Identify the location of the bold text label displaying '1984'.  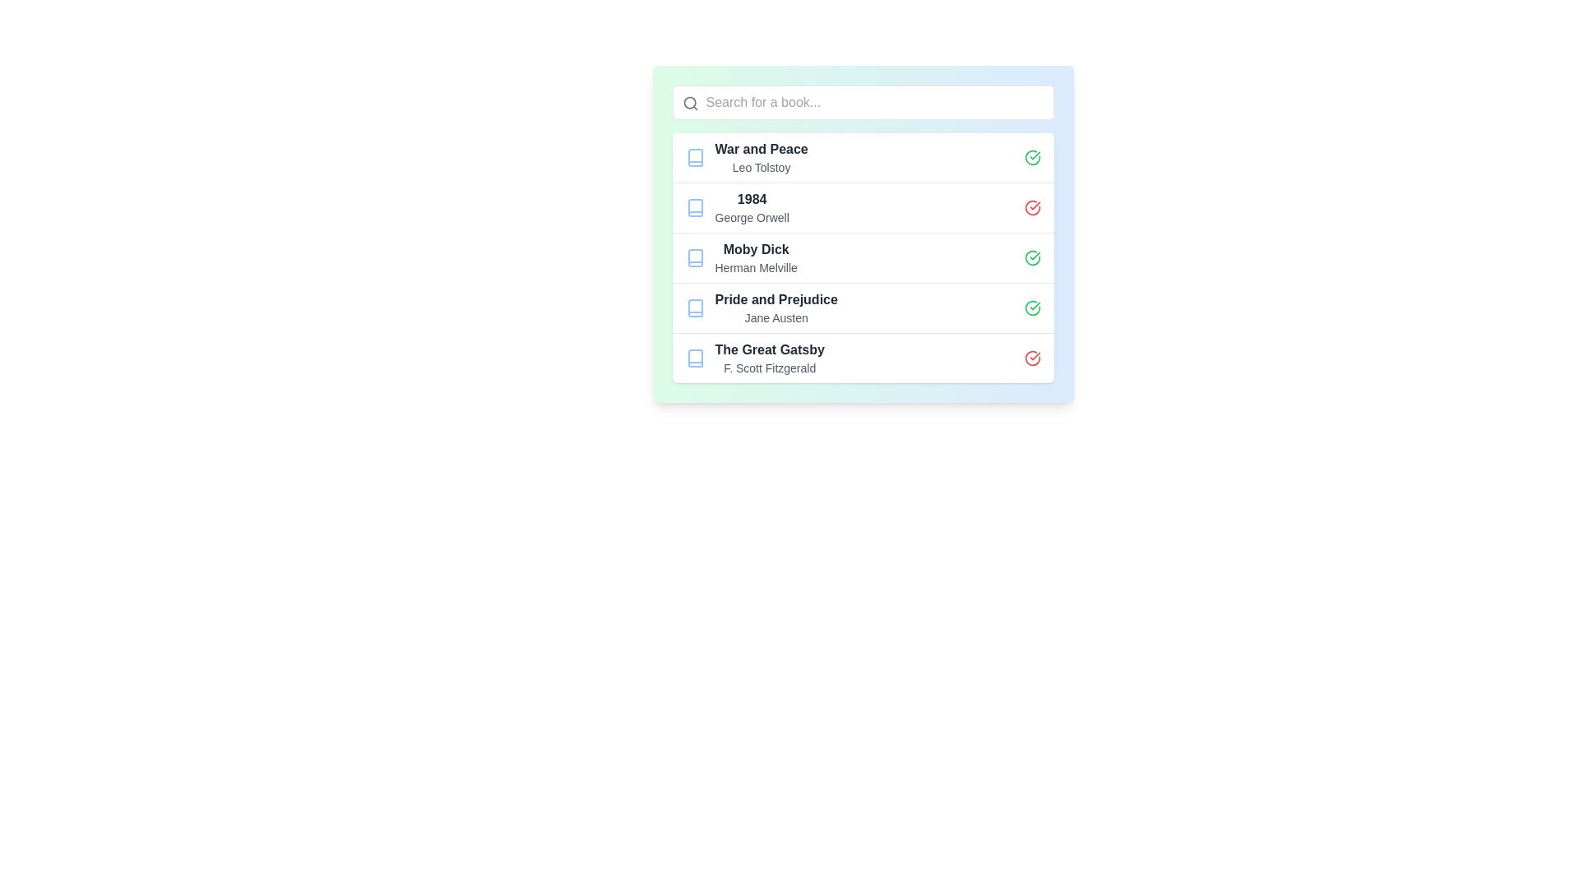
(751, 199).